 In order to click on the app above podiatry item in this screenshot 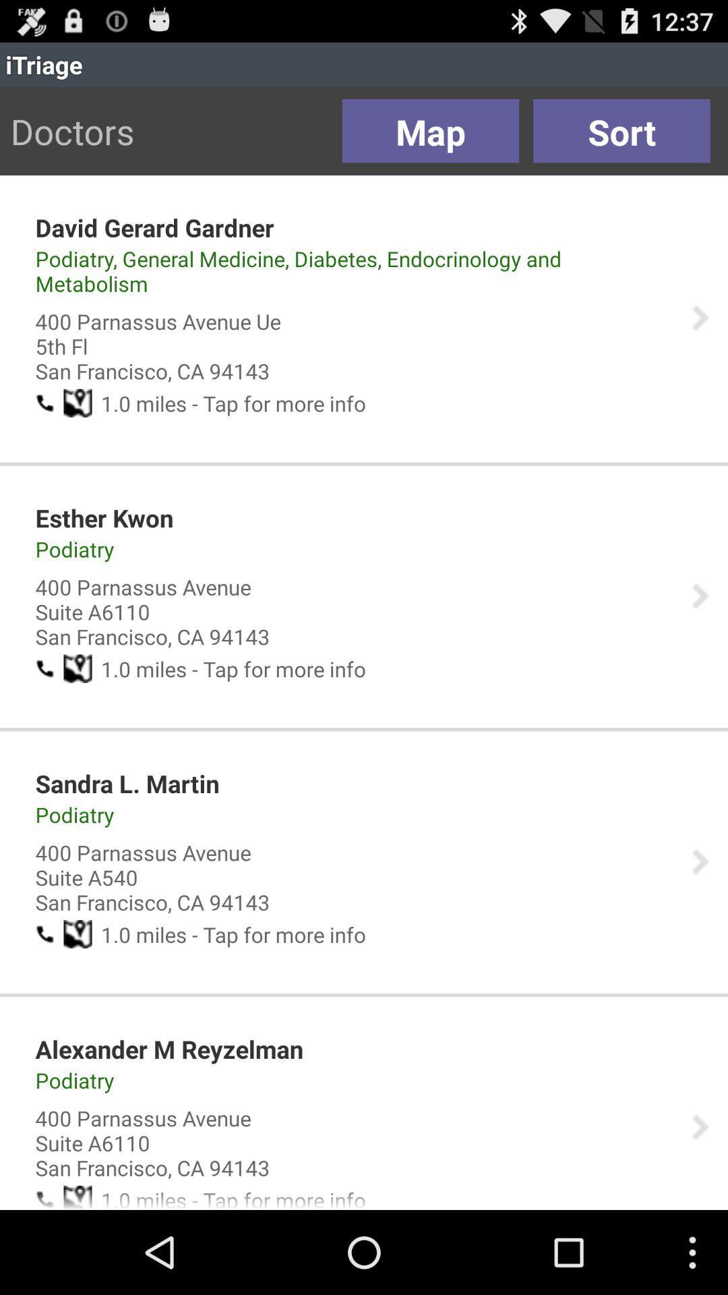, I will do `click(169, 1048)`.